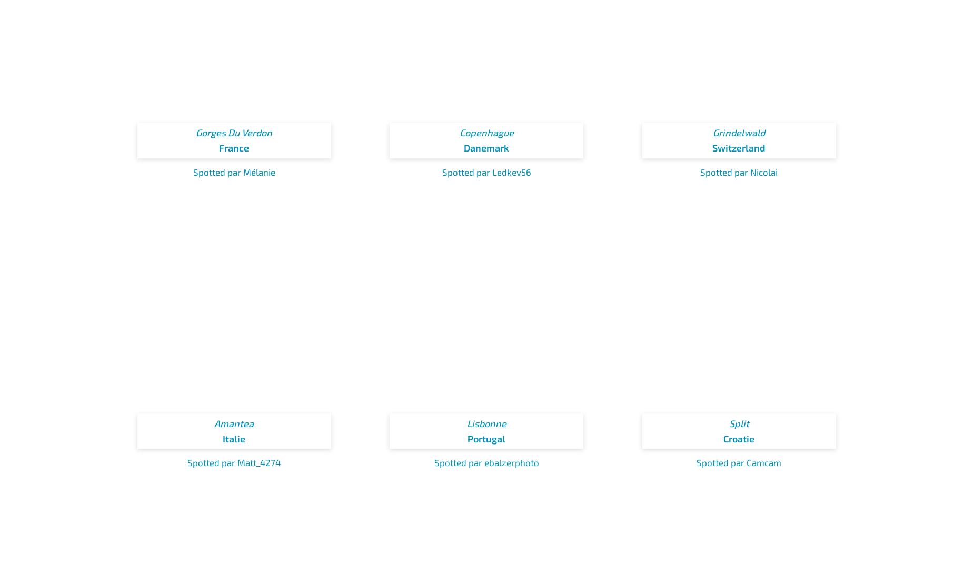  Describe the element at coordinates (233, 438) in the screenshot. I see `'Italie'` at that location.